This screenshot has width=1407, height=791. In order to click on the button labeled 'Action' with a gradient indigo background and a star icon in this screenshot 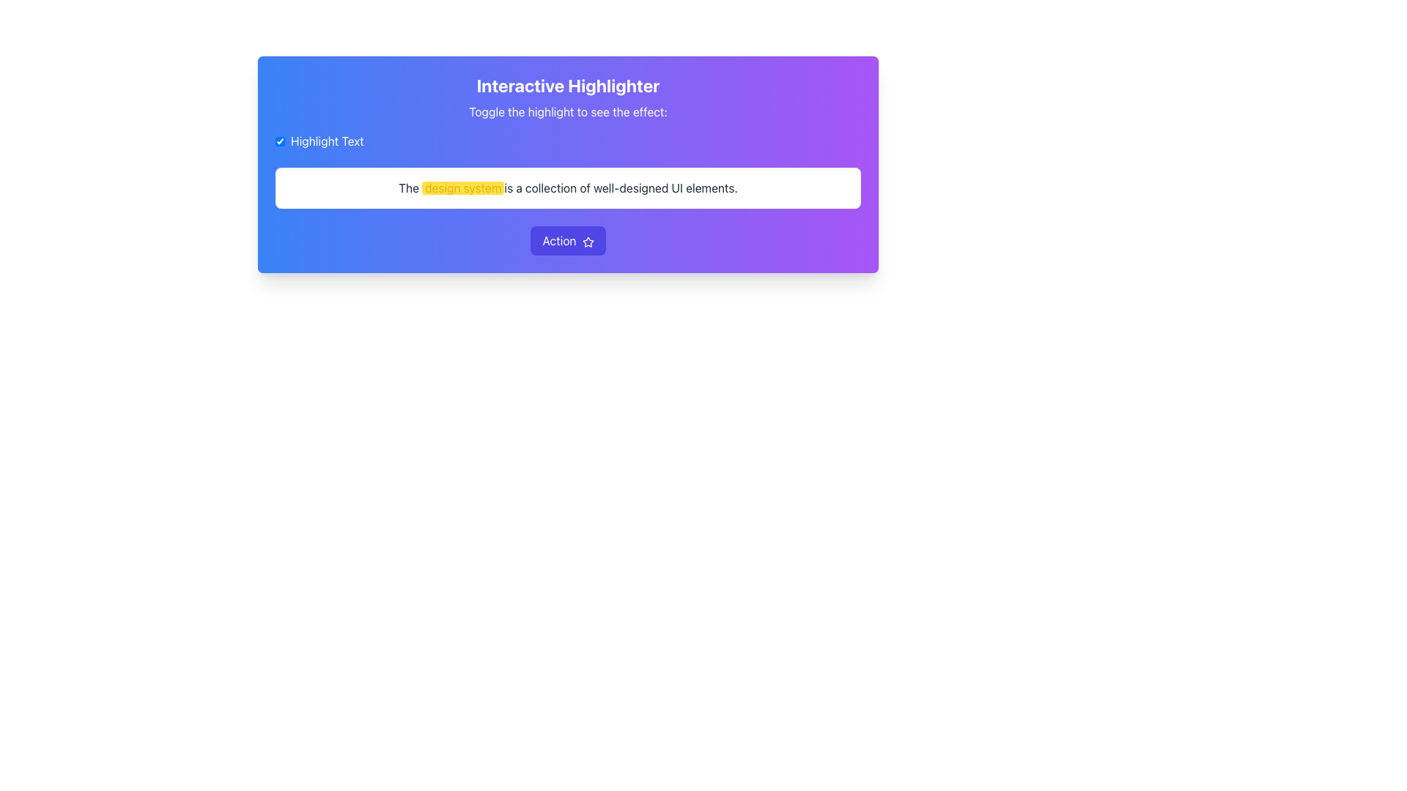, I will do `click(567, 239)`.